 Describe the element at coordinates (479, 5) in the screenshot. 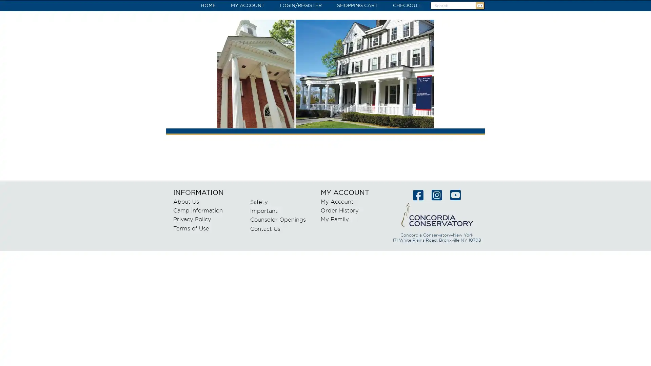

I see `Go` at that location.